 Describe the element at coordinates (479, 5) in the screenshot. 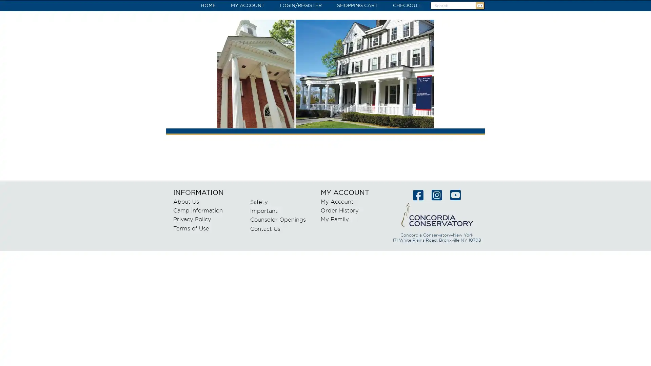

I see `Go` at that location.